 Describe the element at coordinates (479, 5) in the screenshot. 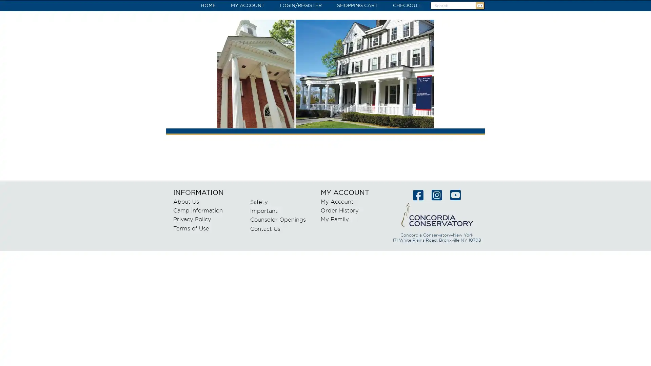

I see `Go` at that location.